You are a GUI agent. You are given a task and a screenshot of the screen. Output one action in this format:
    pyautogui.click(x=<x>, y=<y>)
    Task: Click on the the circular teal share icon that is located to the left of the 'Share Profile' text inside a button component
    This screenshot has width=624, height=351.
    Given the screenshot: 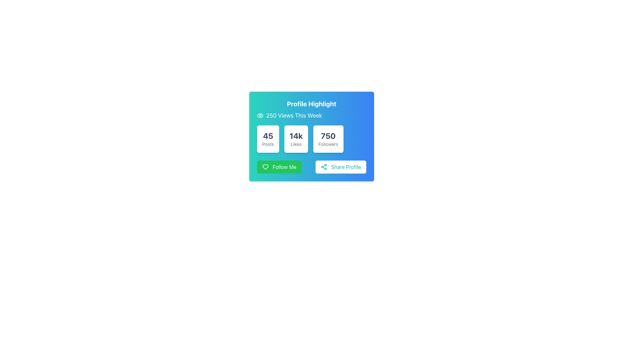 What is the action you would take?
    pyautogui.click(x=324, y=166)
    